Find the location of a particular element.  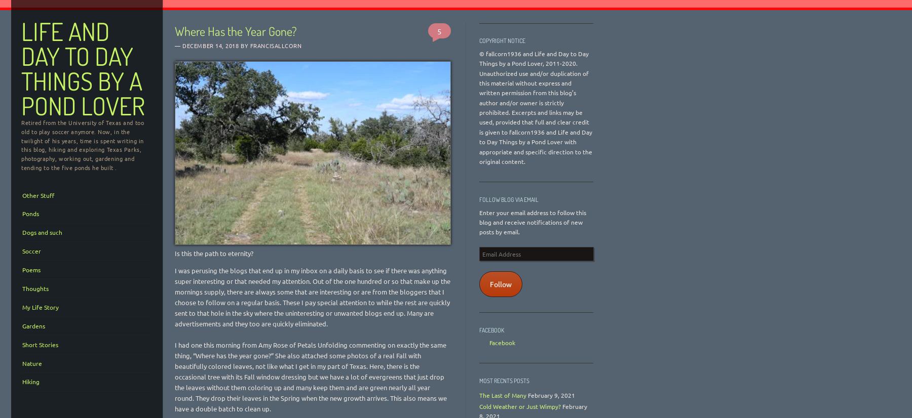

'Soccer' is located at coordinates (31, 251).